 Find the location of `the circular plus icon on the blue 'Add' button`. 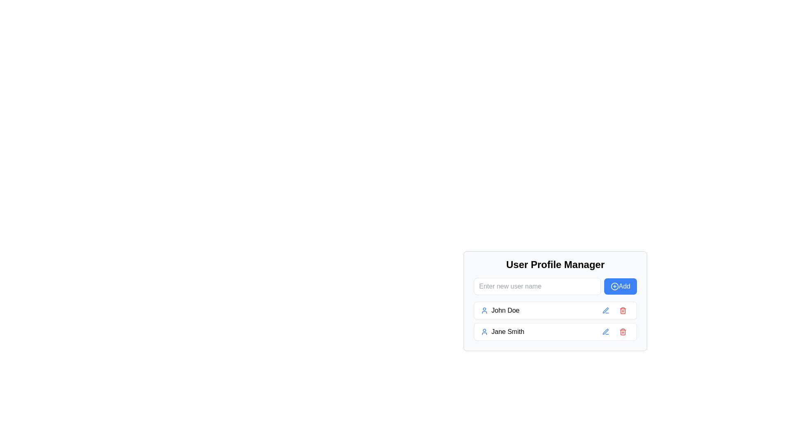

the circular plus icon on the blue 'Add' button is located at coordinates (614, 286).